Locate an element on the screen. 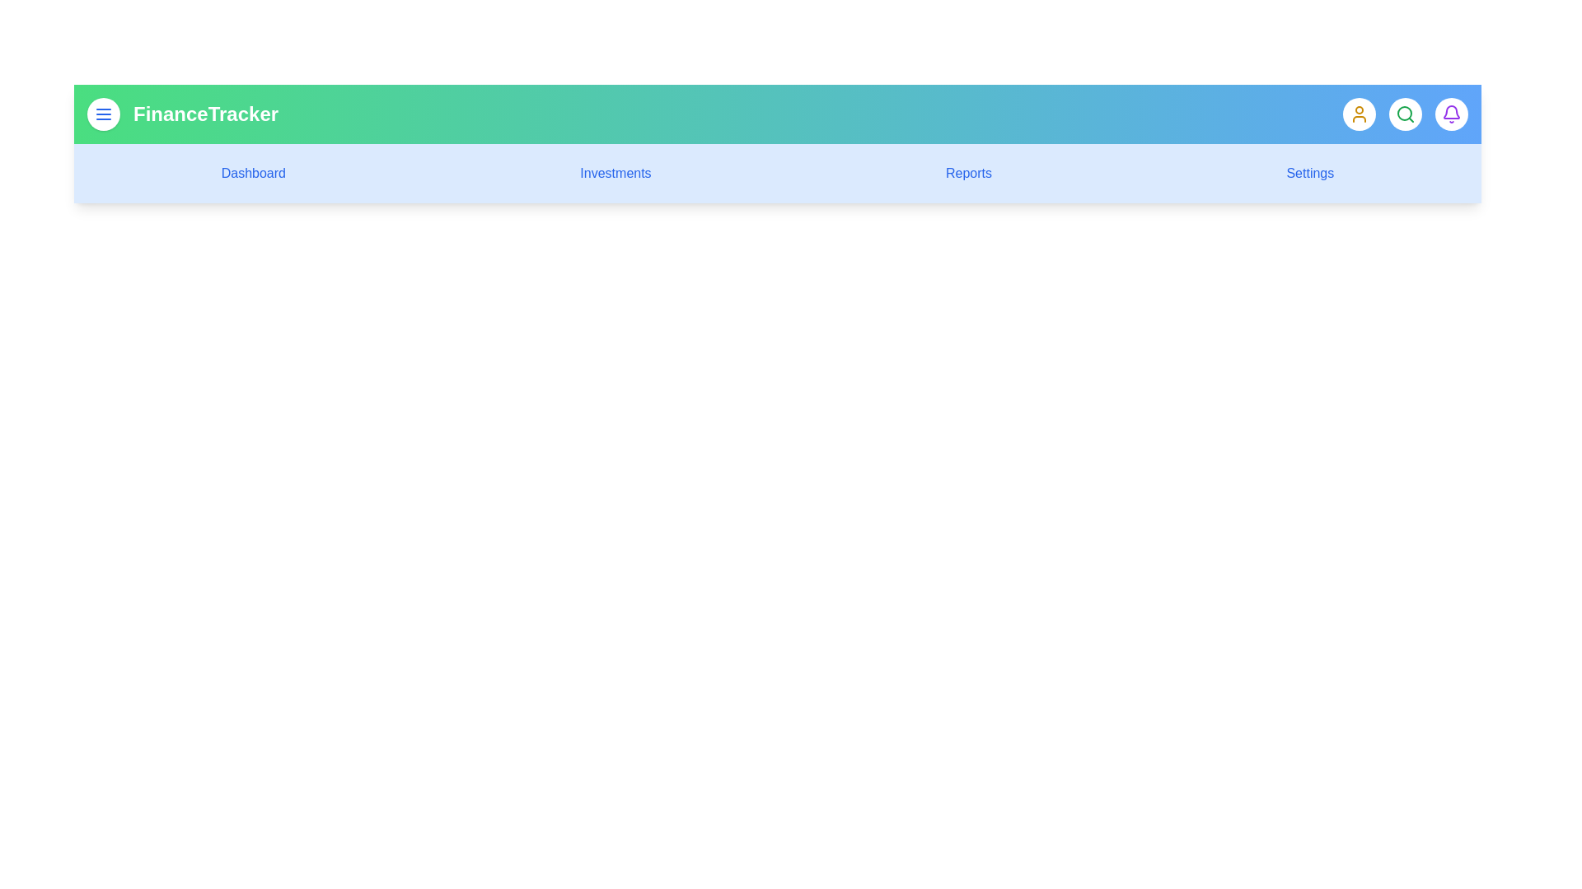 This screenshot has width=1582, height=889. the search button to activate the search functionality is located at coordinates (1404, 113).